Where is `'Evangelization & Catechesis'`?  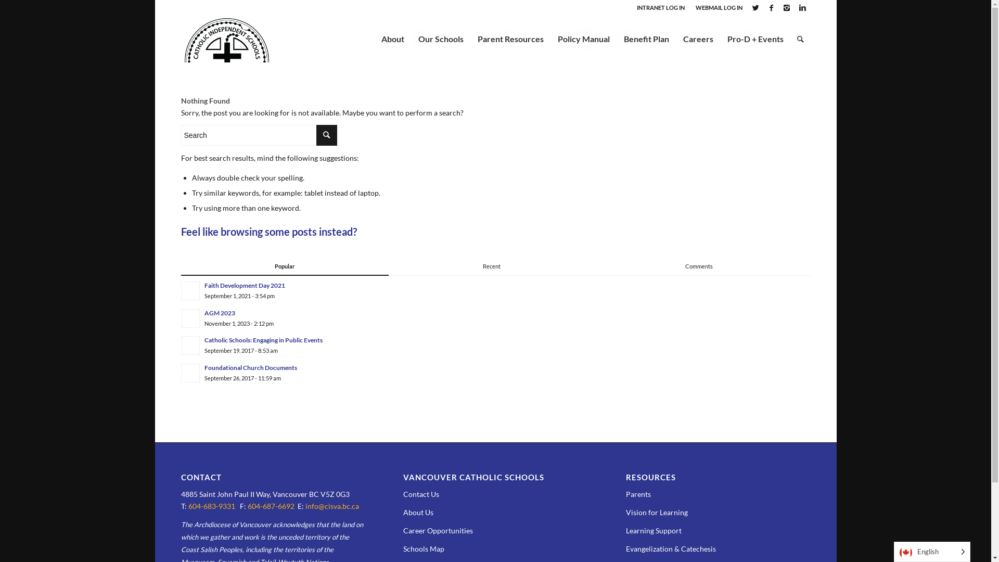
'Evangelization & Catechesis' is located at coordinates (671, 548).